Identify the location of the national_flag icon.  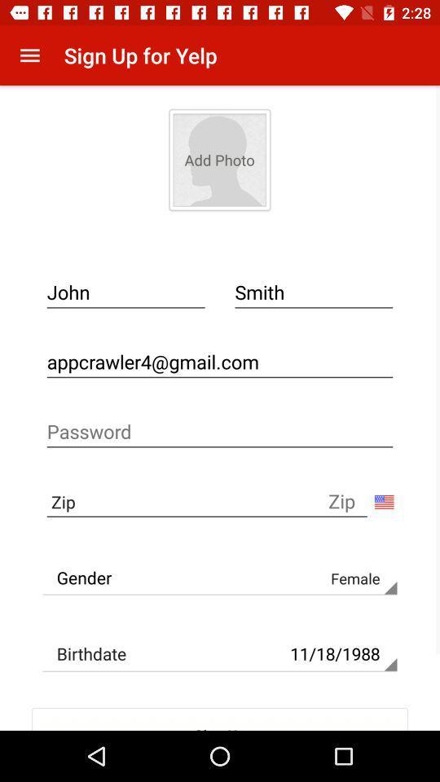
(384, 500).